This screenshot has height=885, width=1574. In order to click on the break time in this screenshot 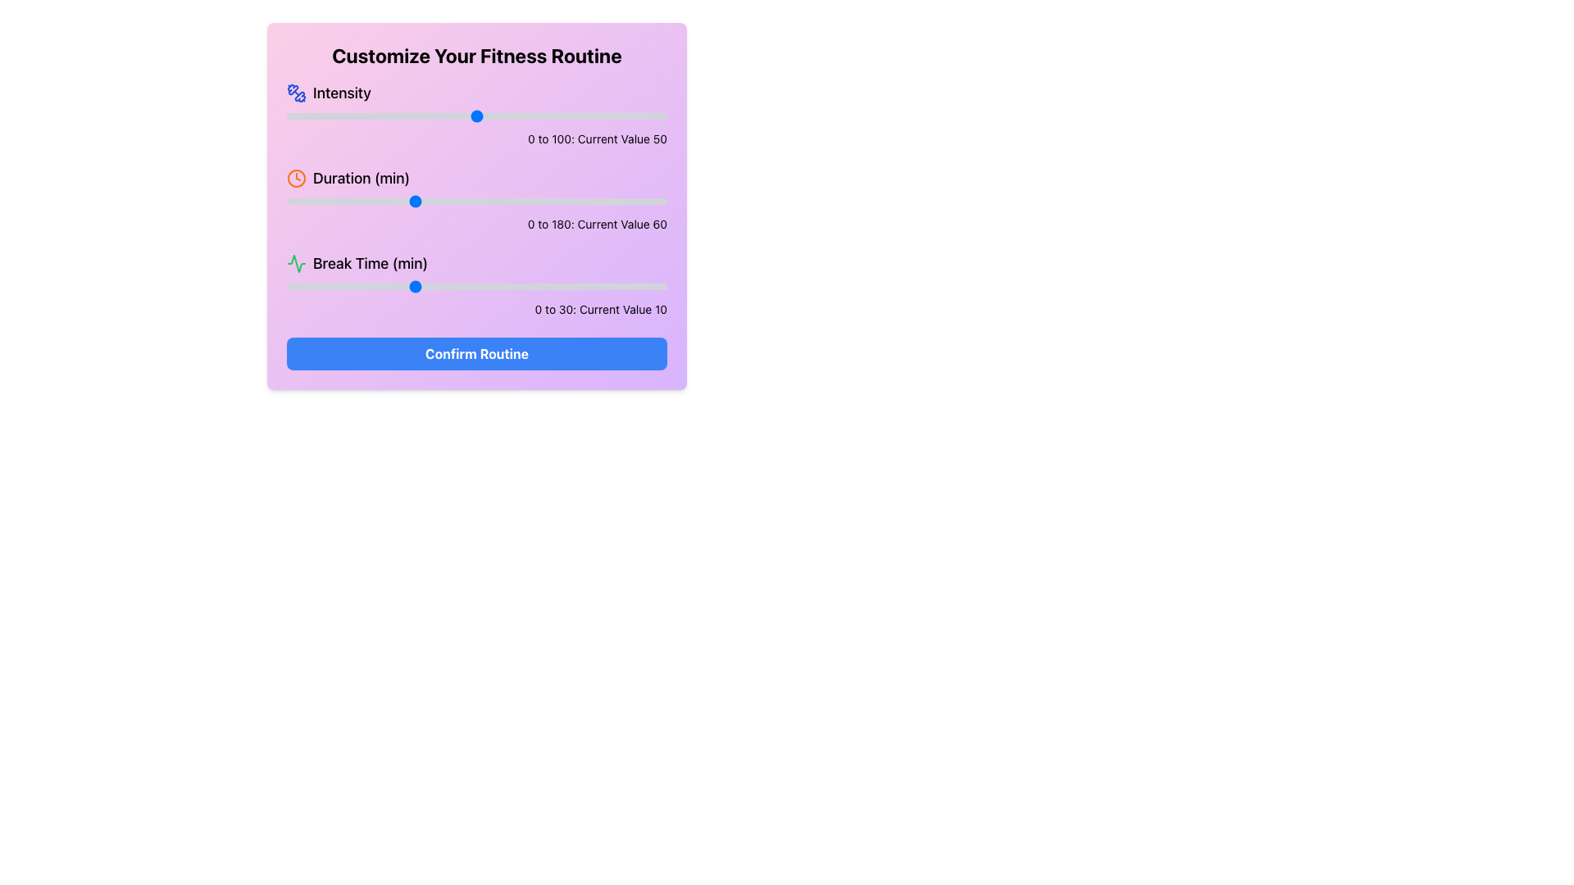, I will do `click(336, 286)`.